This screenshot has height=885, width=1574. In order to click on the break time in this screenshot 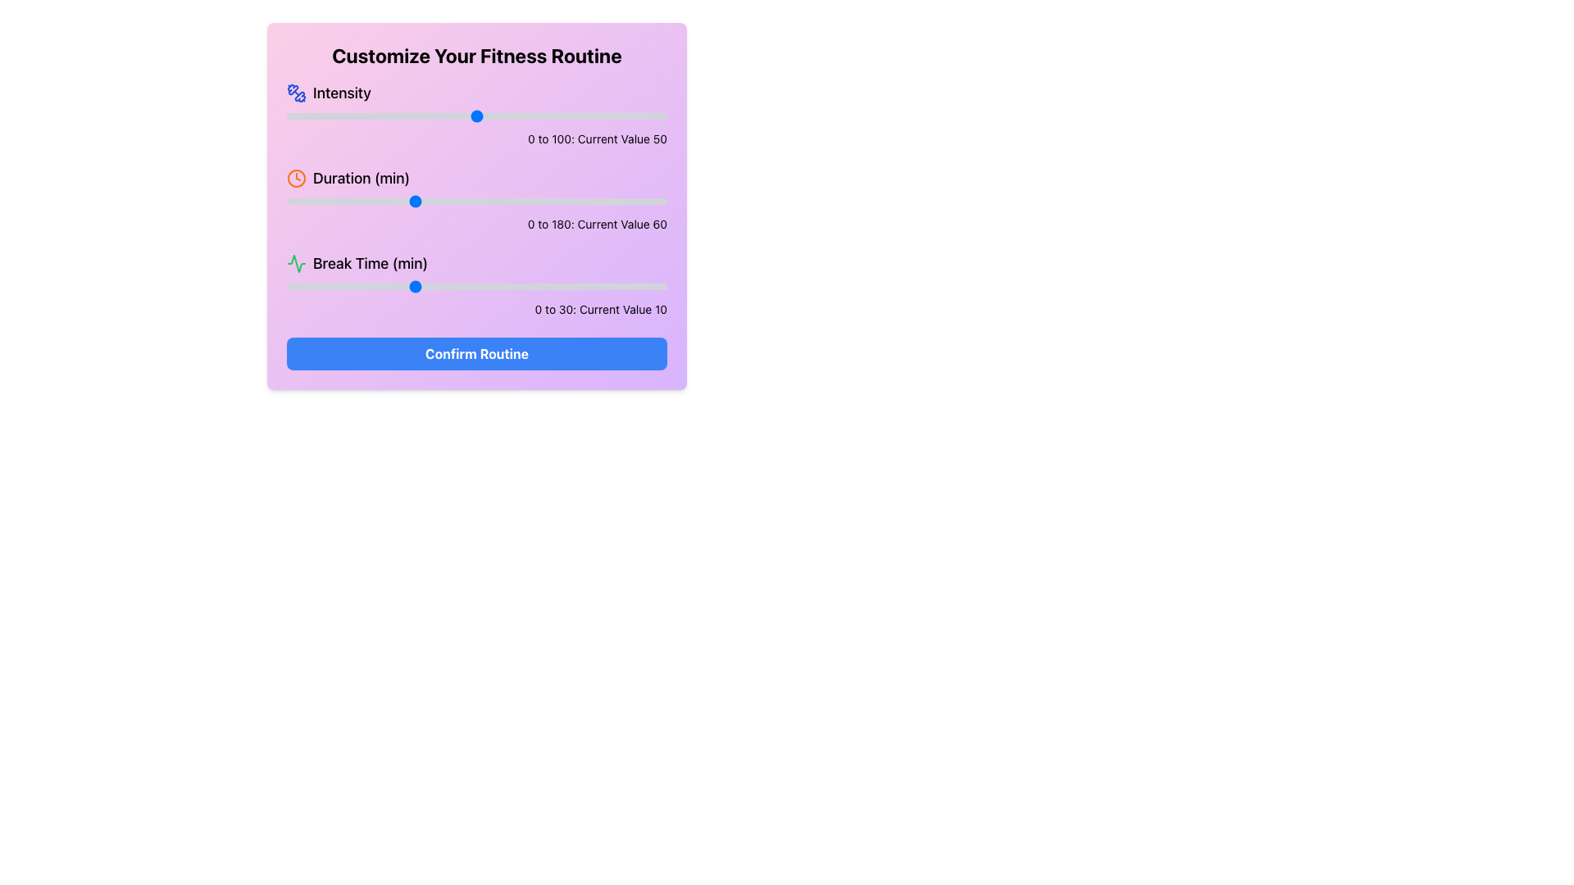, I will do `click(336, 286)`.